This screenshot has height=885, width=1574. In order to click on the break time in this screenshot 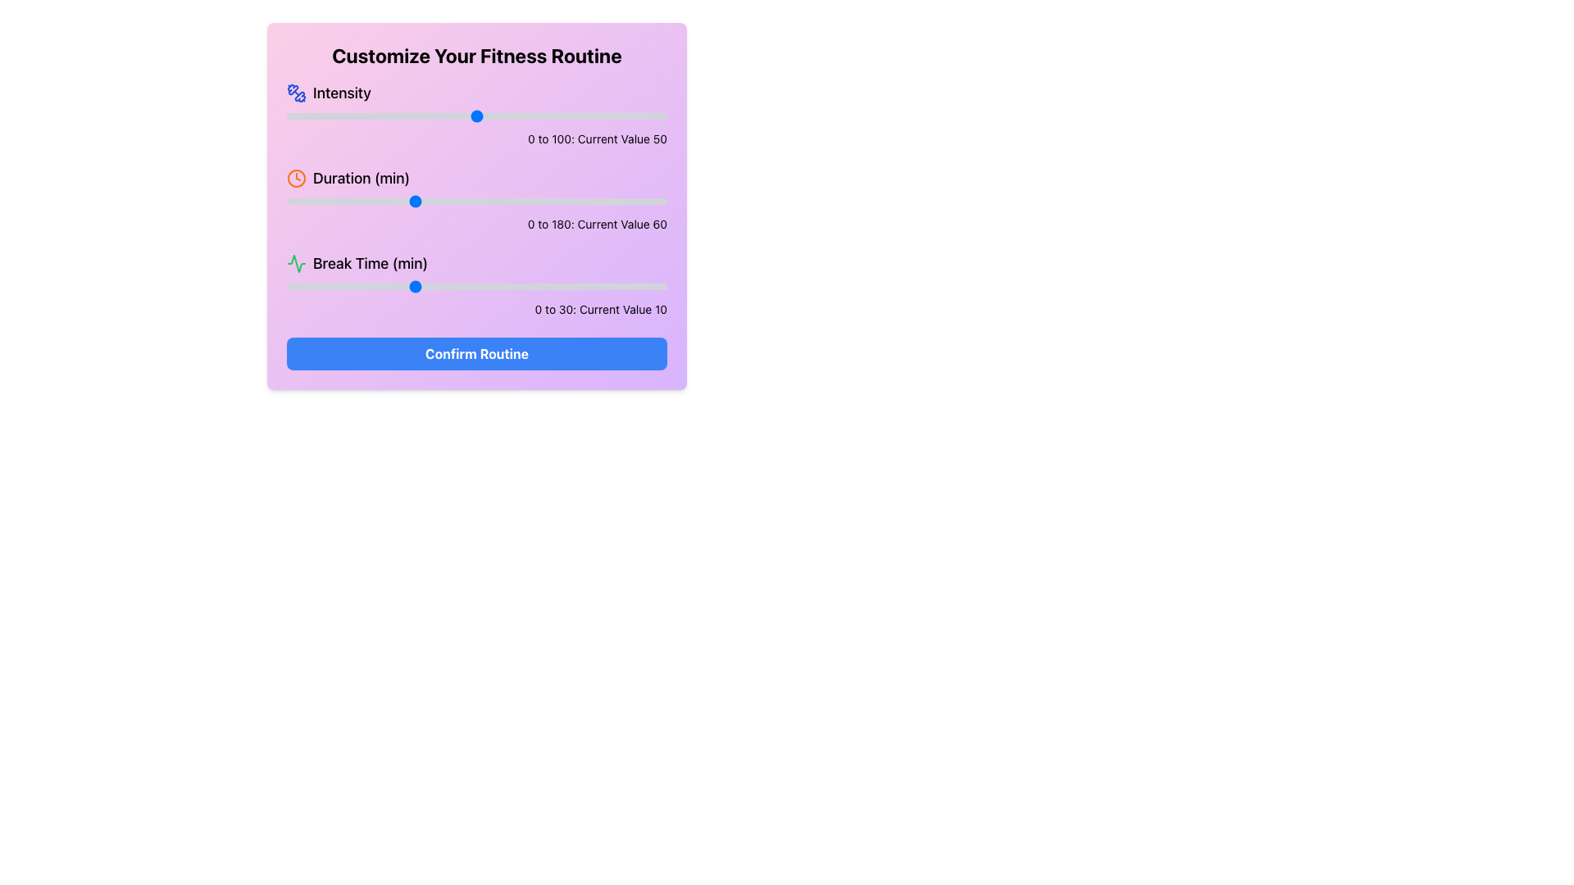, I will do `click(336, 286)`.